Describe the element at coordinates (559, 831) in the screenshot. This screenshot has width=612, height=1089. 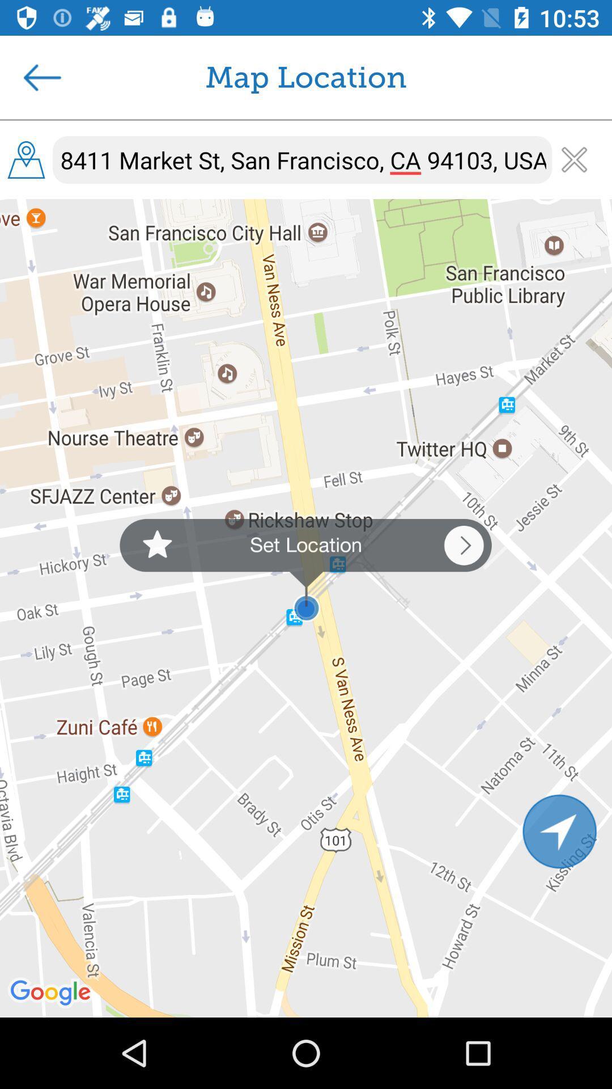
I see `the navigation icon` at that location.